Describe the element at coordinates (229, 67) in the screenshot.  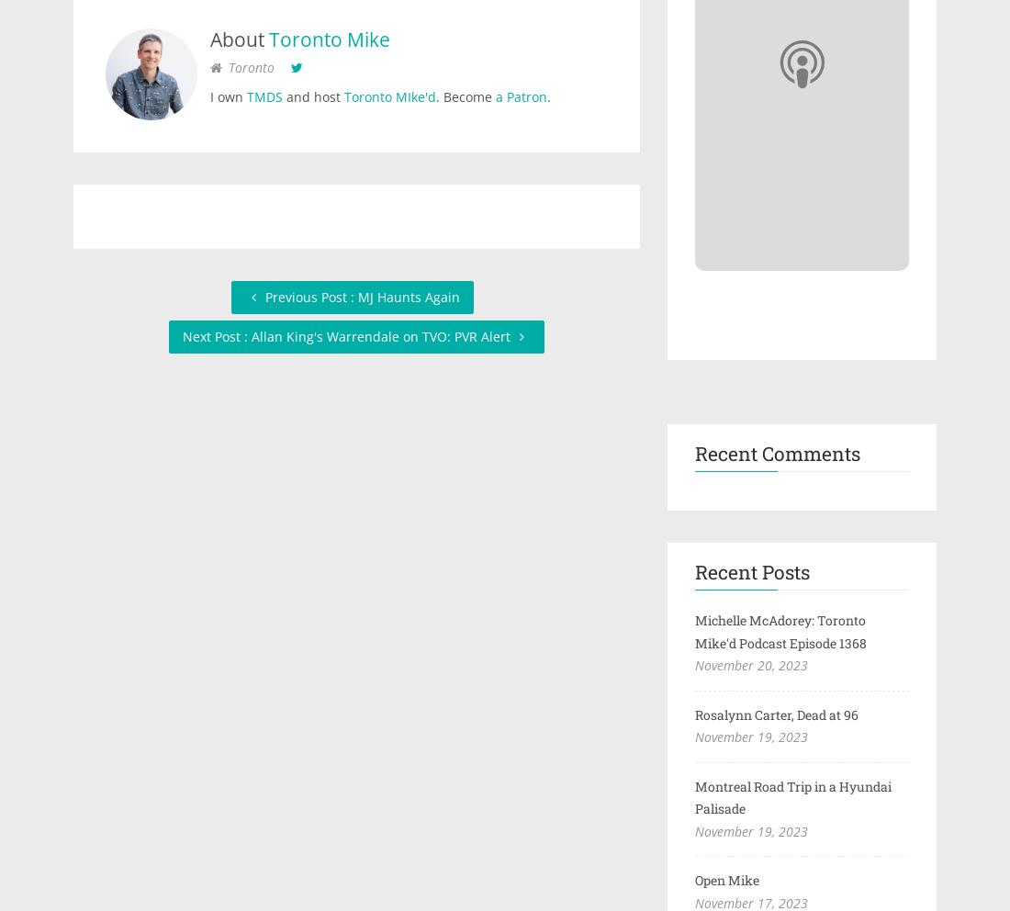
I see `'Toronto'` at that location.